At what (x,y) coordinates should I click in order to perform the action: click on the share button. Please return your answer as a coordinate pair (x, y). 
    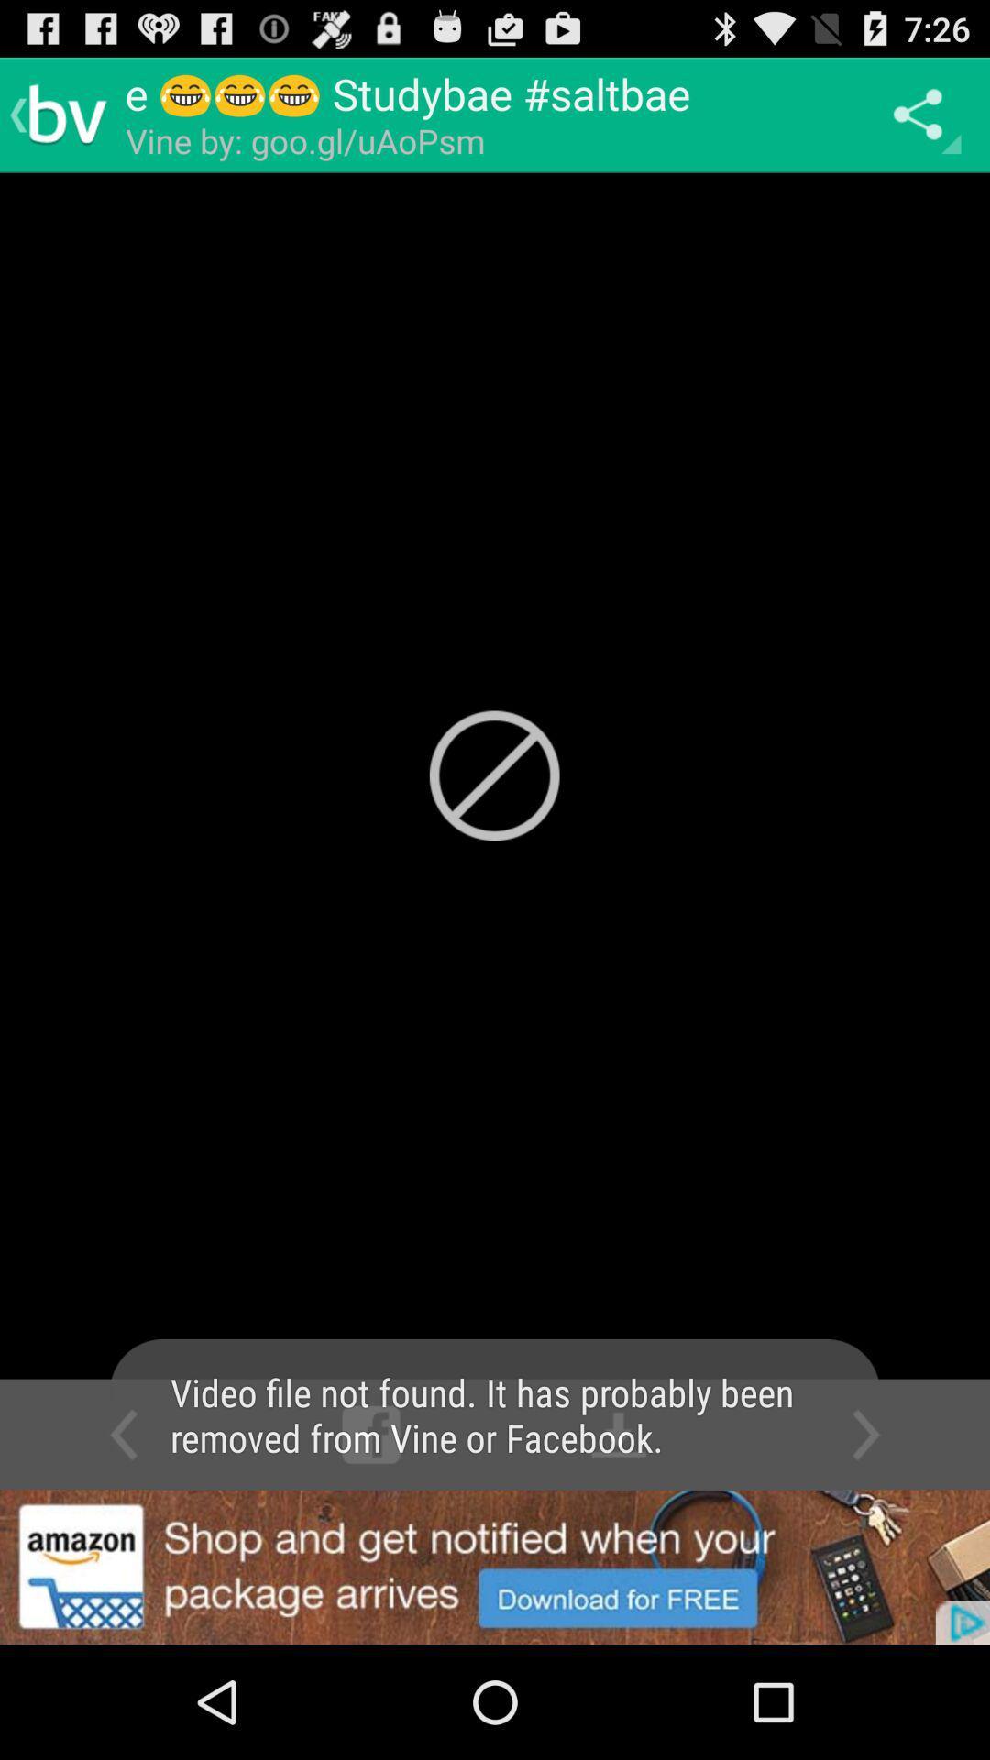
    Looking at the image, I should click on (922, 114).